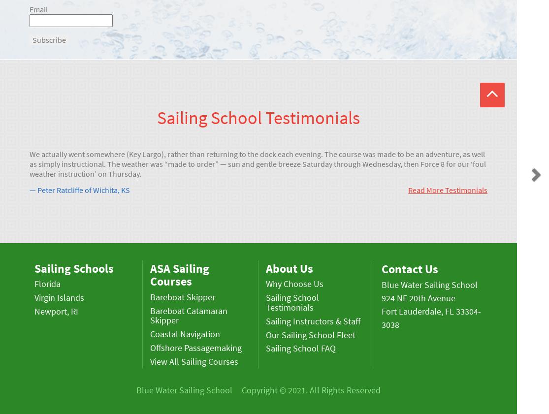  Describe the element at coordinates (418, 298) in the screenshot. I see `'924 NE 20th Avenue'` at that location.